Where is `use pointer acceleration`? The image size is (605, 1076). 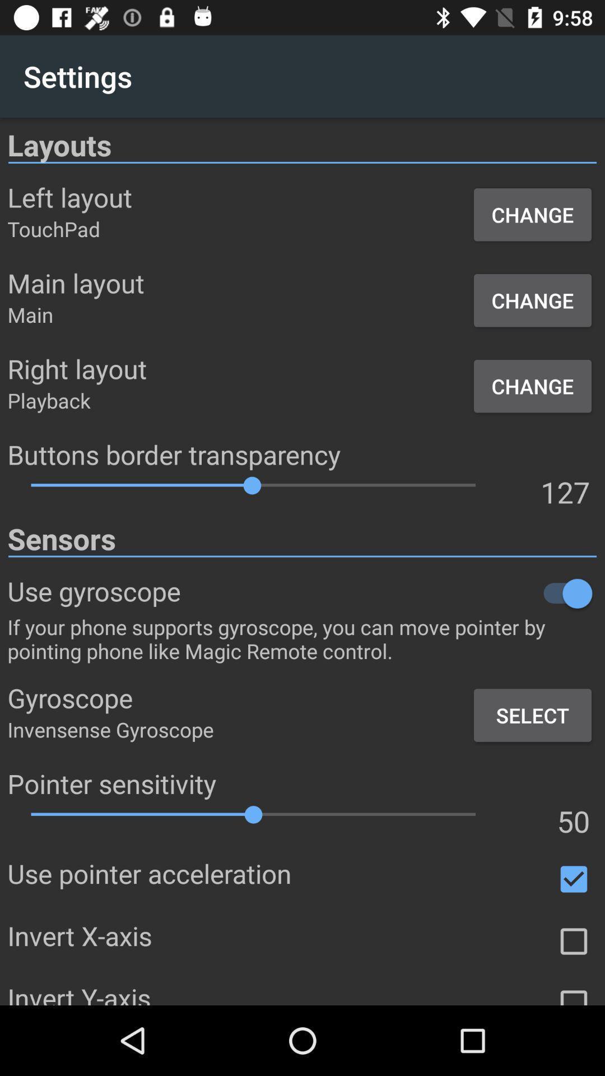
use pointer acceleration is located at coordinates (574, 879).